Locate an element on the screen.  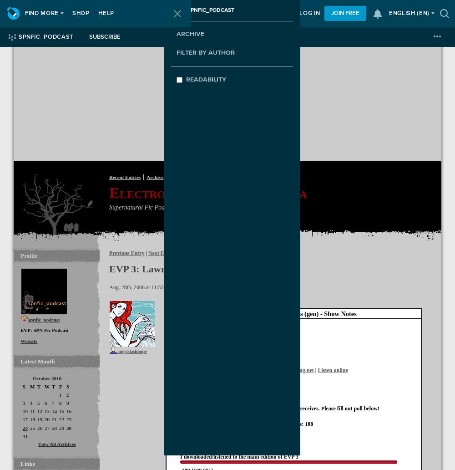
'25' is located at coordinates (32, 427).